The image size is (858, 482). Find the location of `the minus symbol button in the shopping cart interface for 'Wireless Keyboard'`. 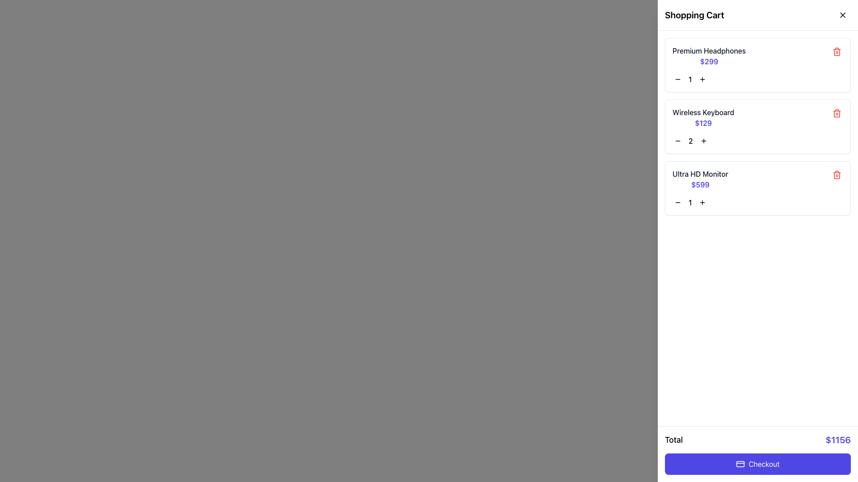

the minus symbol button in the shopping cart interface for 'Wireless Keyboard' is located at coordinates (677, 141).